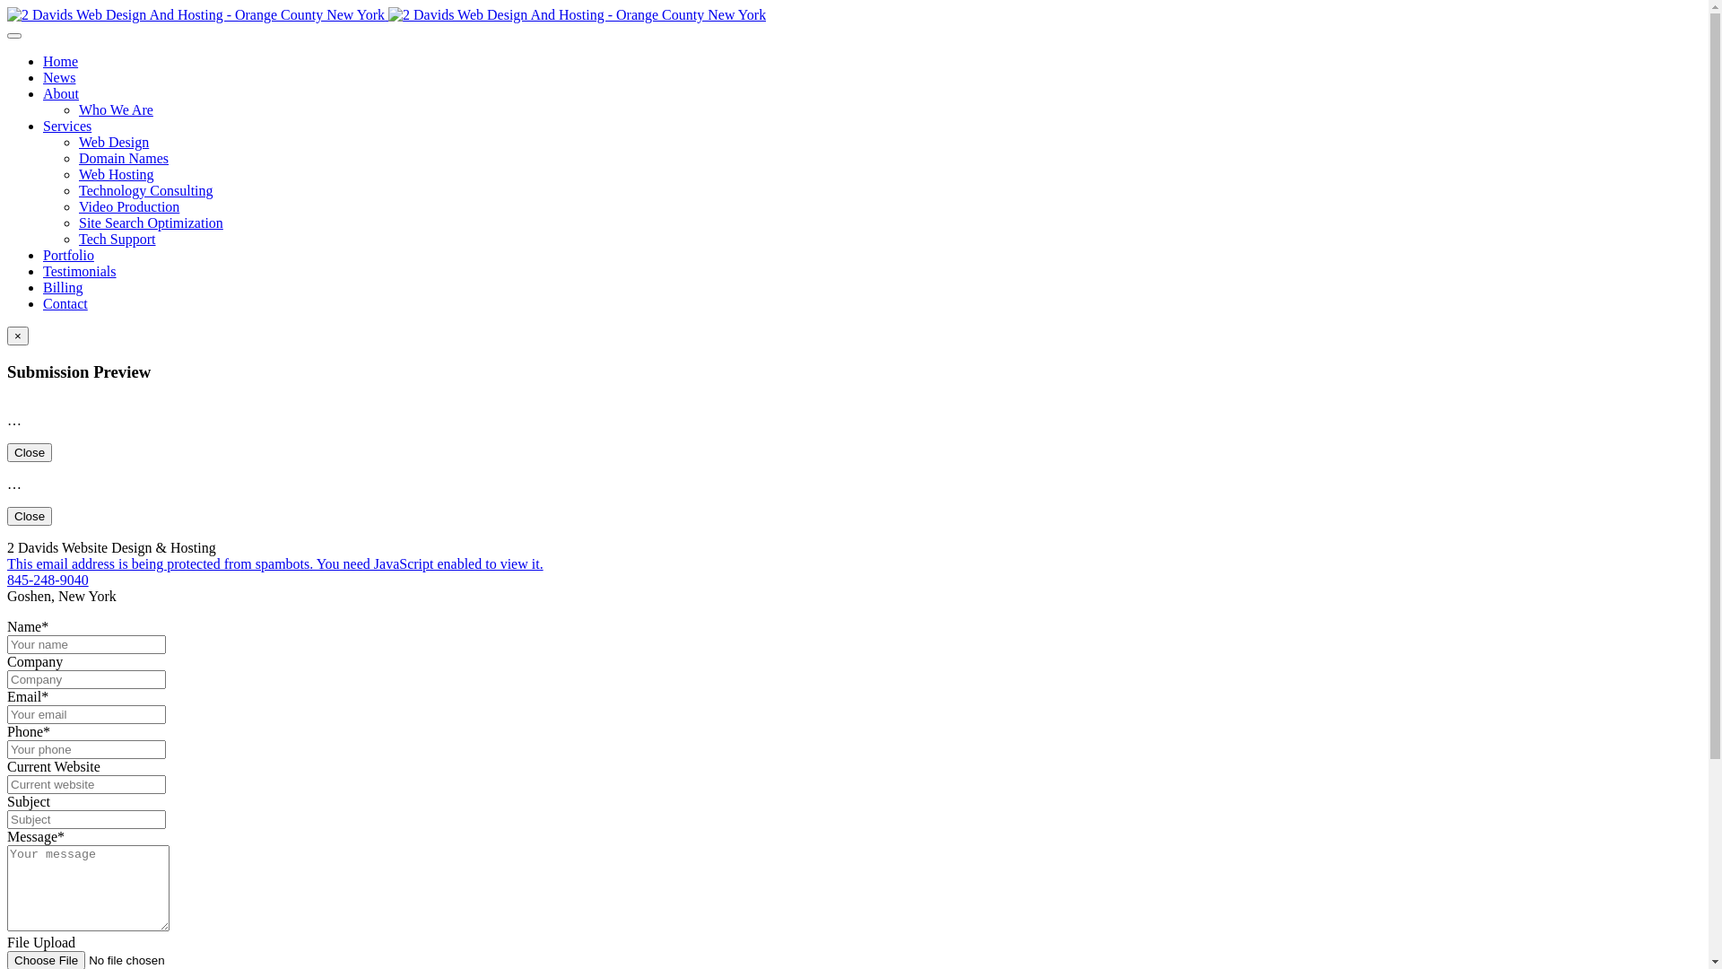  What do you see at coordinates (48, 580) in the screenshot?
I see `'845-248-9040'` at bounding box center [48, 580].